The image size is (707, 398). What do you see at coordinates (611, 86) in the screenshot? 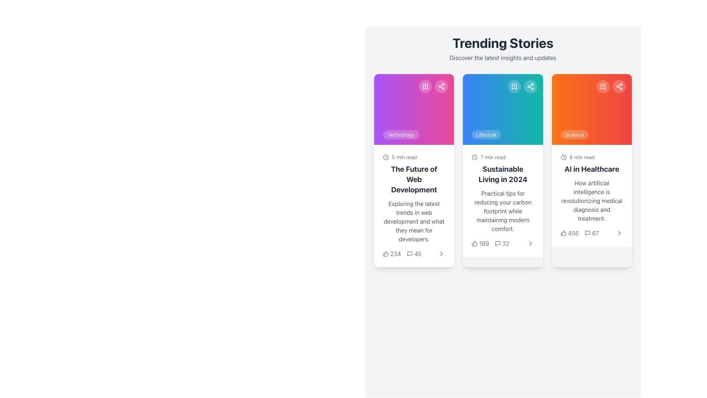
I see `the share icon located in the button group at the top-right corner of the 'Science' card in the 'AI in Healthcare' section to share the card` at bounding box center [611, 86].